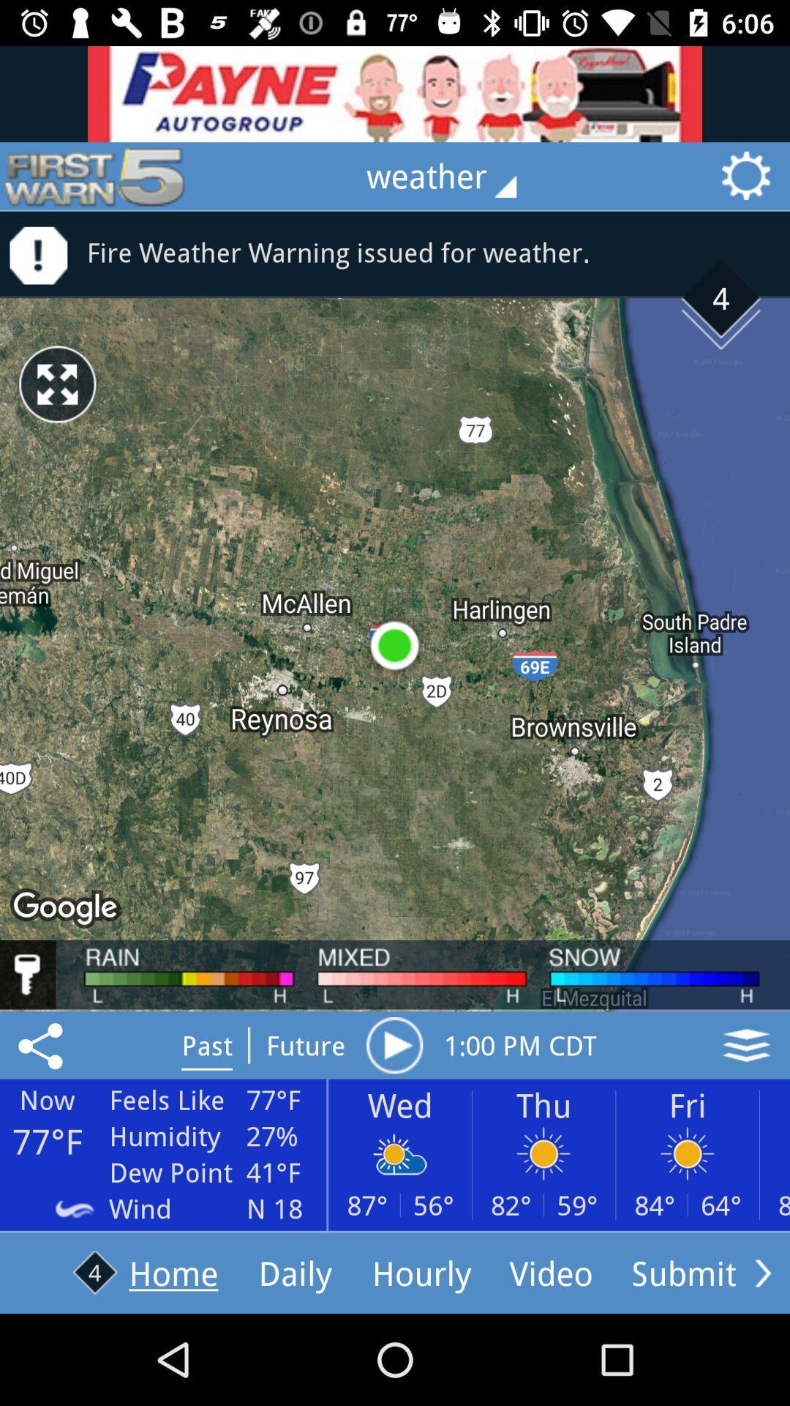  I want to click on the layers icon, so click(746, 1044).